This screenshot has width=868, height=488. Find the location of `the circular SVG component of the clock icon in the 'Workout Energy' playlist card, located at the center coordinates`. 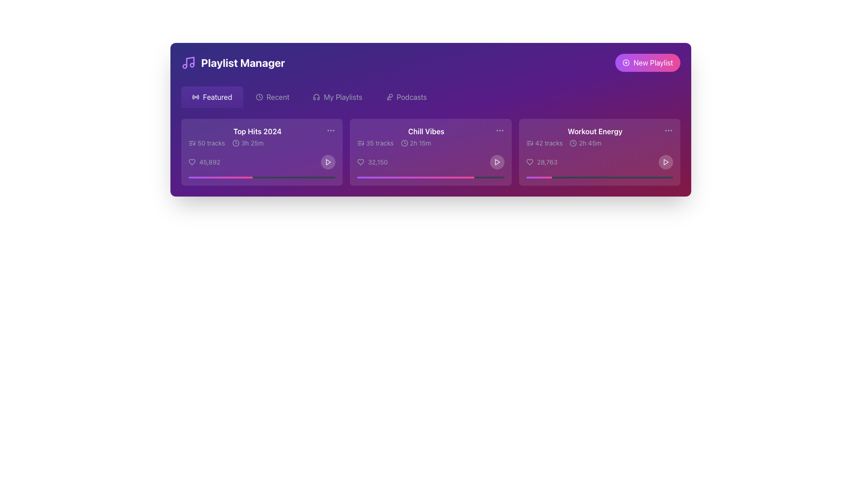

the circular SVG component of the clock icon in the 'Workout Energy' playlist card, located at the center coordinates is located at coordinates (573, 142).